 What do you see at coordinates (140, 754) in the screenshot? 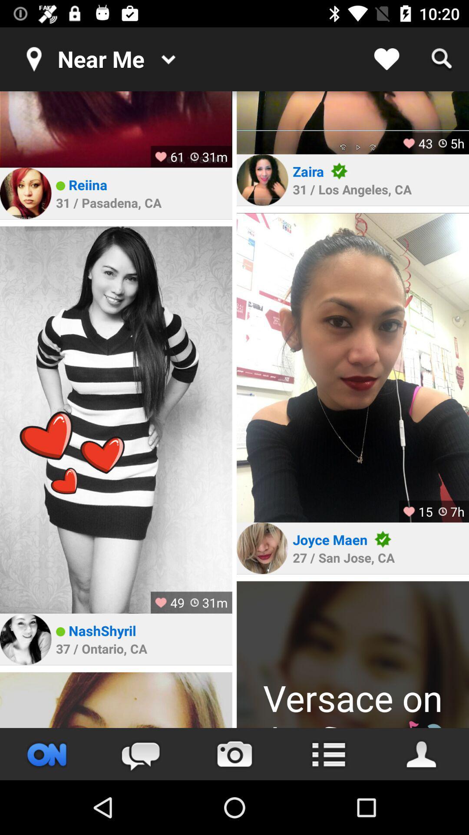
I see `message option` at bounding box center [140, 754].